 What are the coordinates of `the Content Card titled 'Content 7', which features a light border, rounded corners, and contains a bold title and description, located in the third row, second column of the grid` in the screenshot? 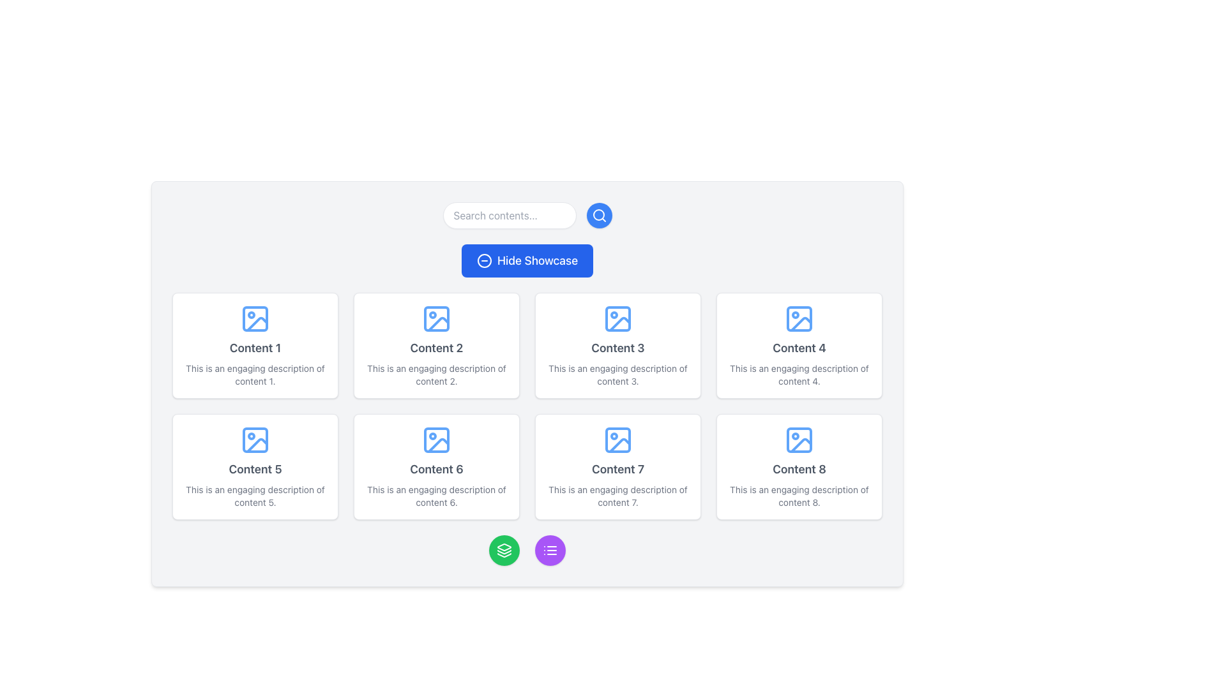 It's located at (618, 467).